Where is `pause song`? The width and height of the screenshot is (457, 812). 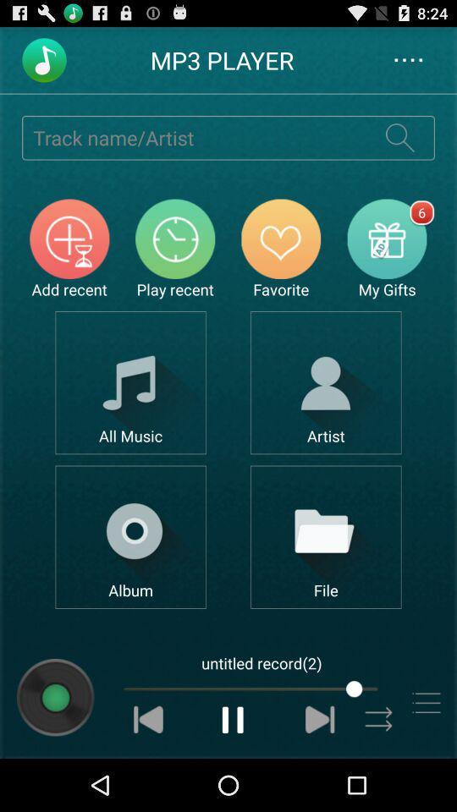 pause song is located at coordinates (233, 718).